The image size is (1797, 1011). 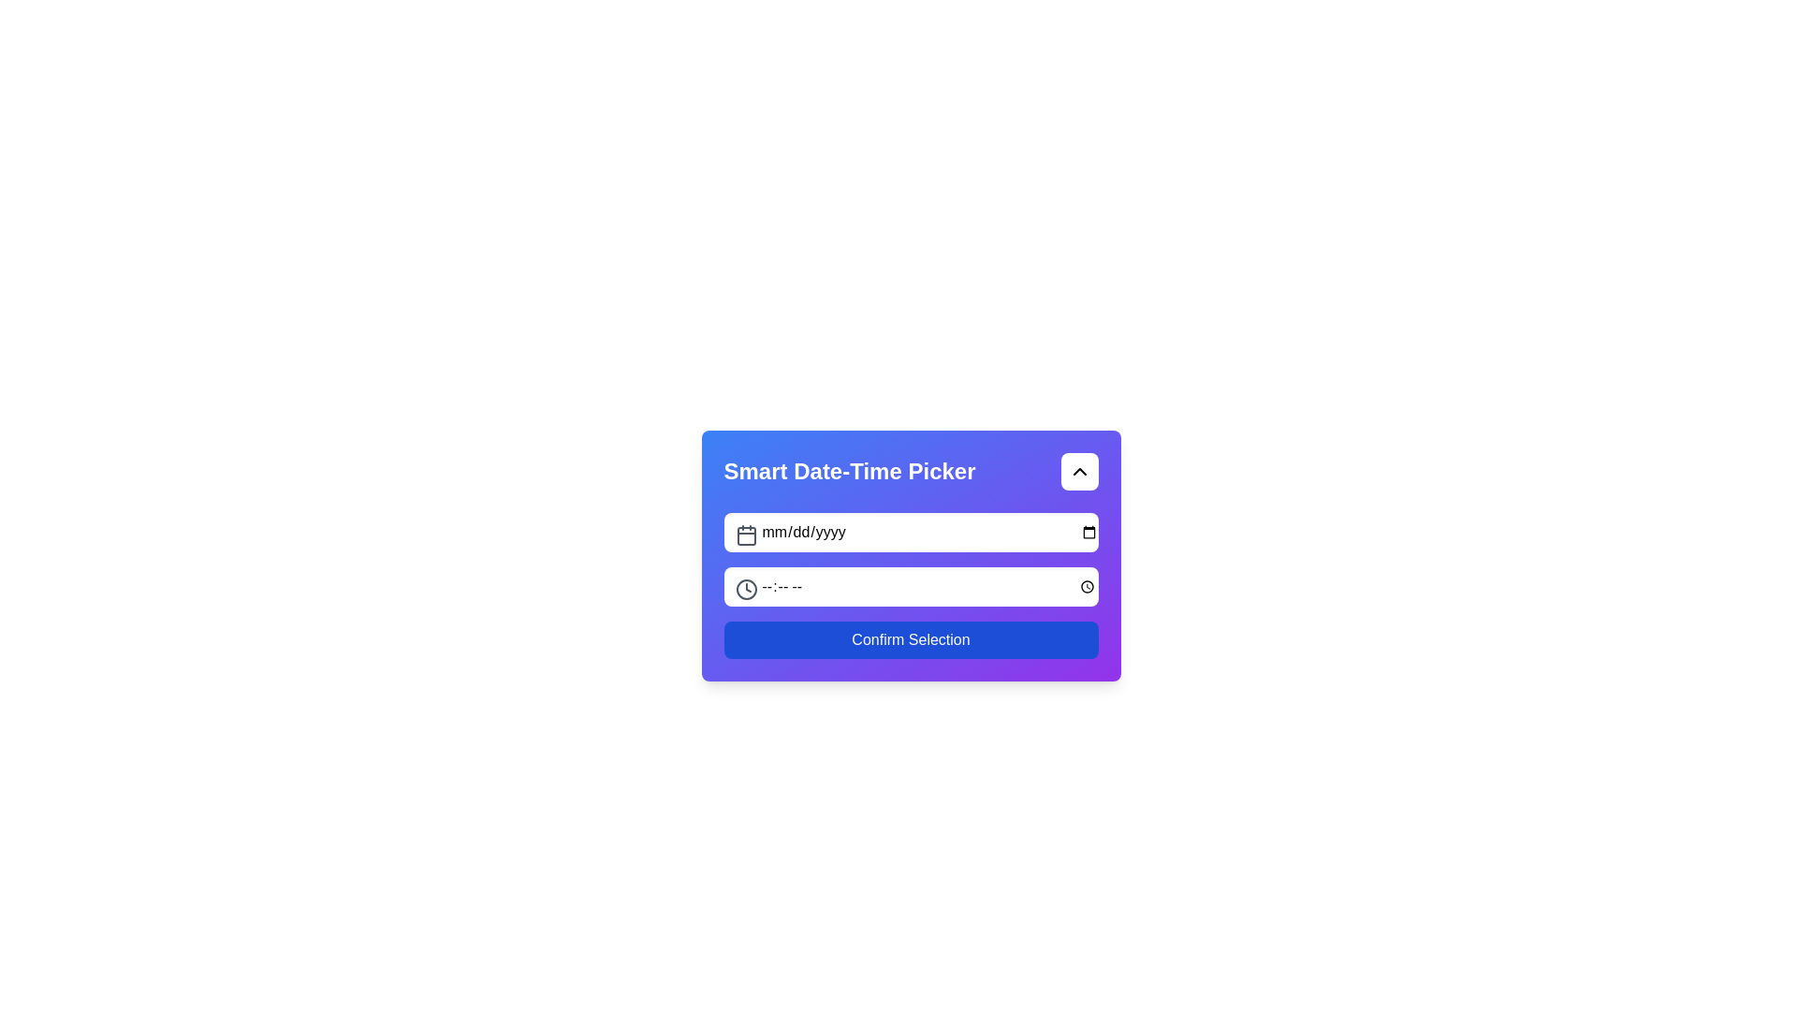 I want to click on the circular boundary of the clock face within the clock icon located to the left of the time input in the second input field of the Smart Date-Time Picker interface, so click(x=745, y=588).